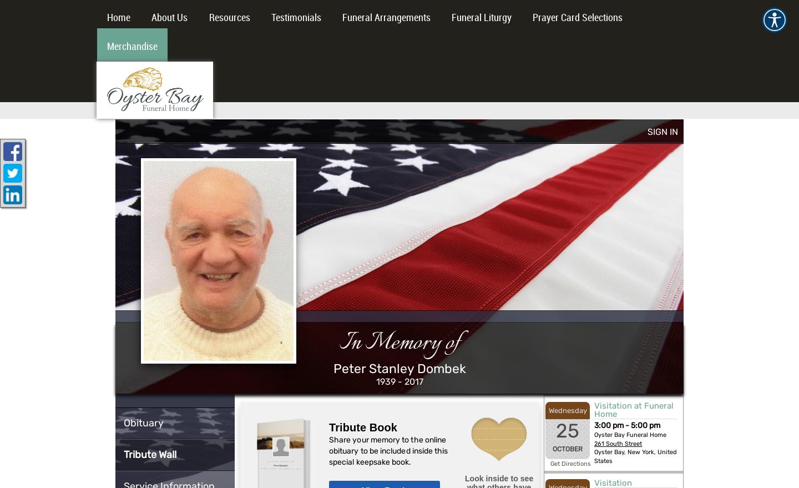  I want to click on 'Sign in', so click(647, 131).